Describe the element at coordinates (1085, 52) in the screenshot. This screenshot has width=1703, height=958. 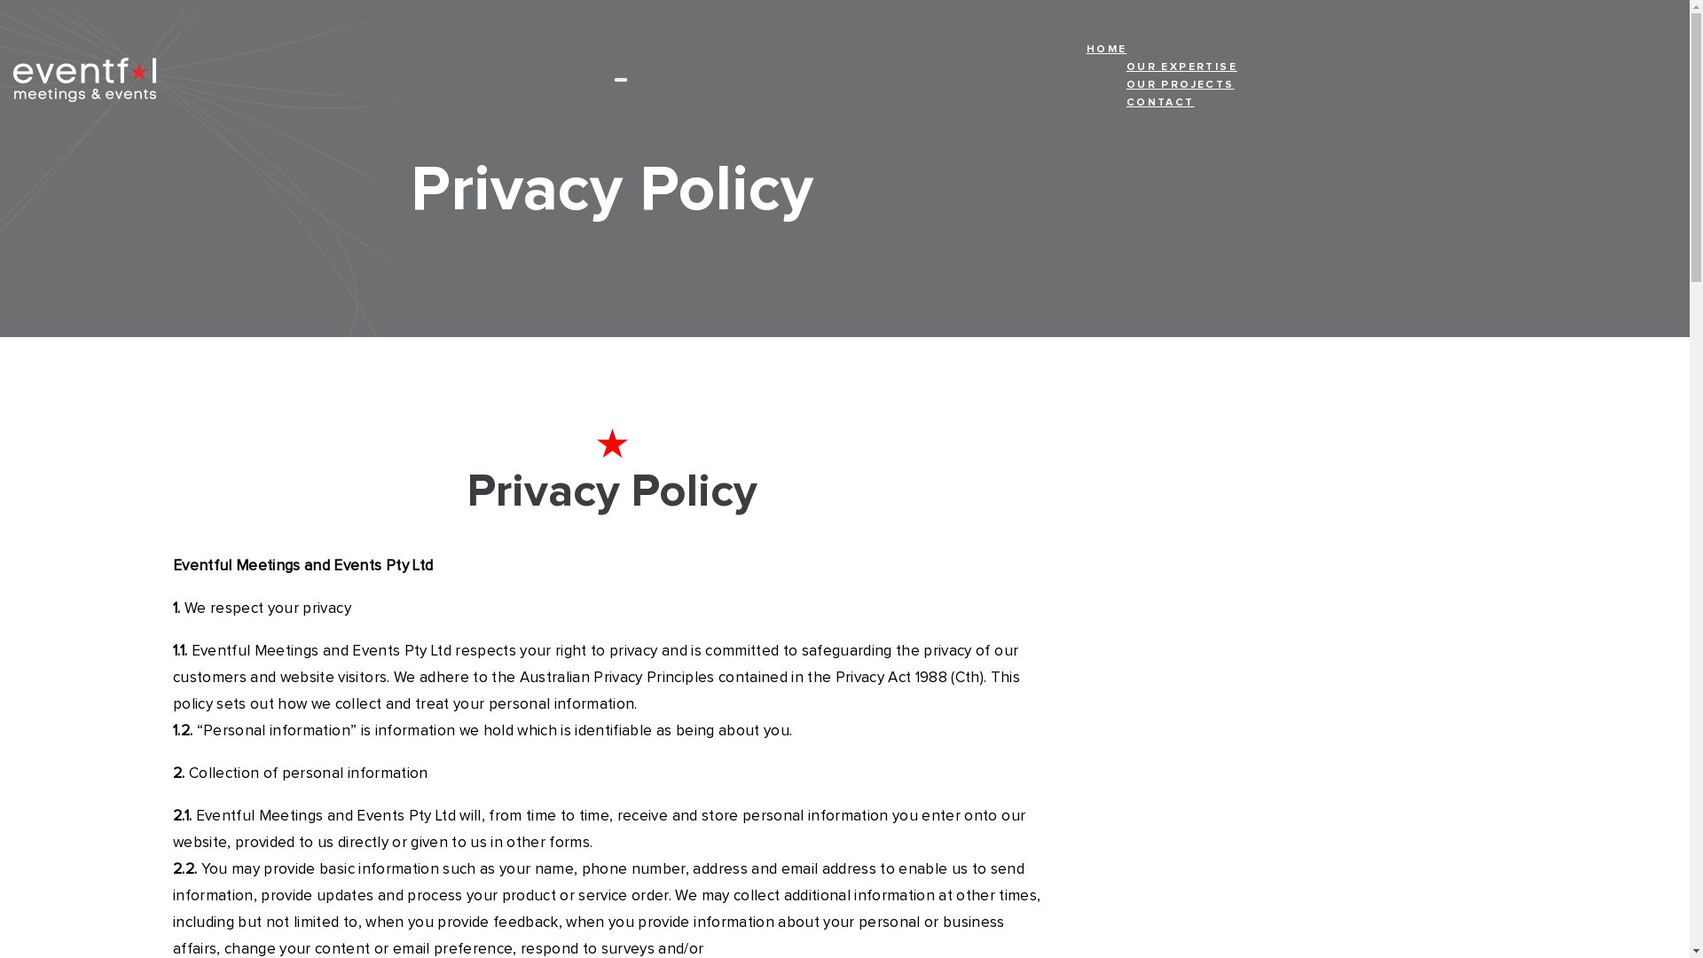
I see `'HOME'` at that location.